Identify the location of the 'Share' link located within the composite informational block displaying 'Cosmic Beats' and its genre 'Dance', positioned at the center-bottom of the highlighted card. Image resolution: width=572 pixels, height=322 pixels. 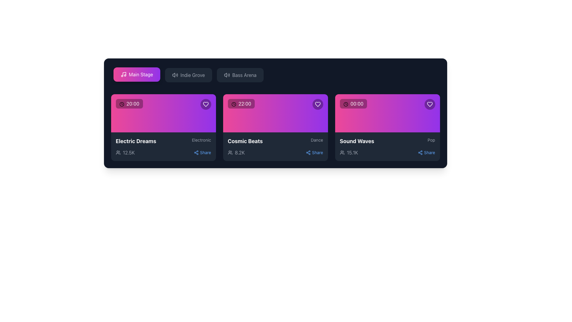
(275, 147).